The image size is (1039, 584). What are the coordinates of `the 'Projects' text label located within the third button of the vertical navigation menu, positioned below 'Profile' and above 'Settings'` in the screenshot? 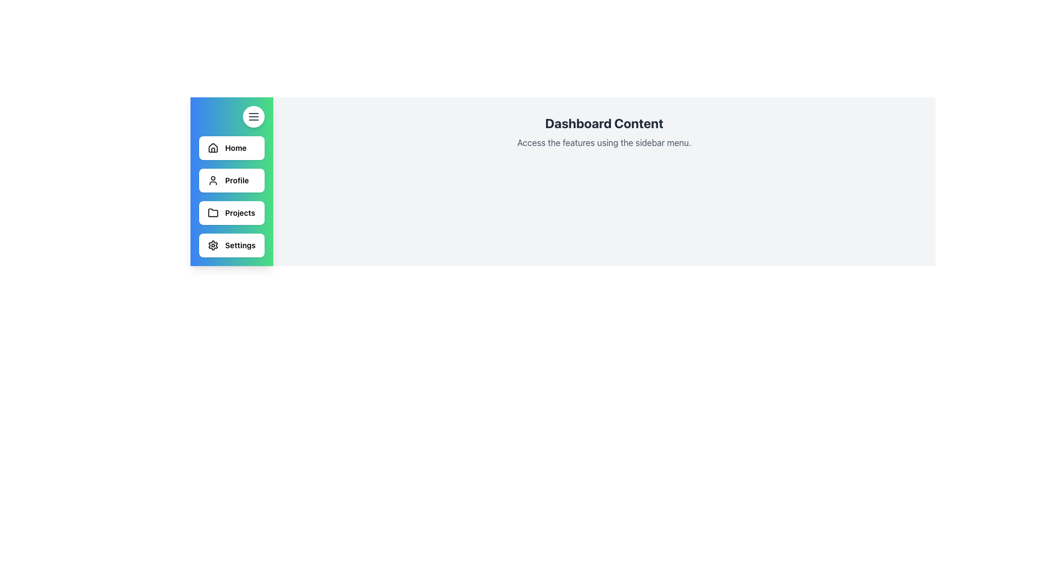 It's located at (239, 213).